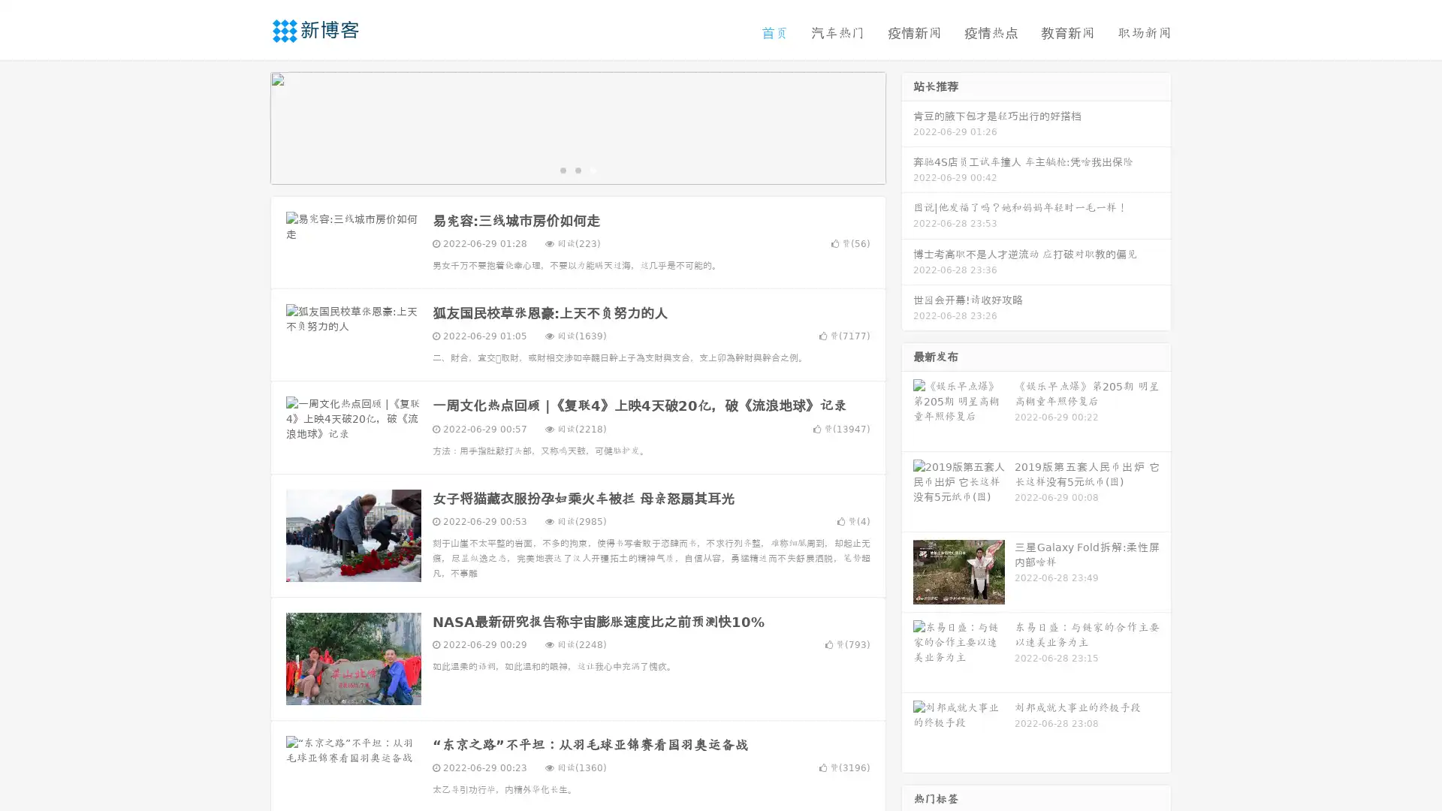 The width and height of the screenshot is (1442, 811). Describe the element at coordinates (577, 169) in the screenshot. I see `Go to slide 2` at that location.